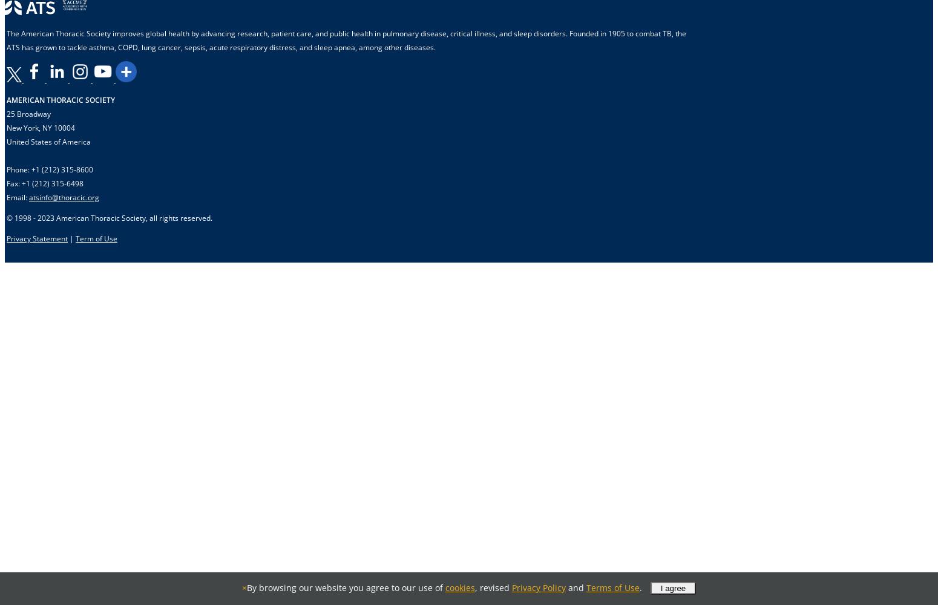  I want to click on 'cookies', so click(459, 587).